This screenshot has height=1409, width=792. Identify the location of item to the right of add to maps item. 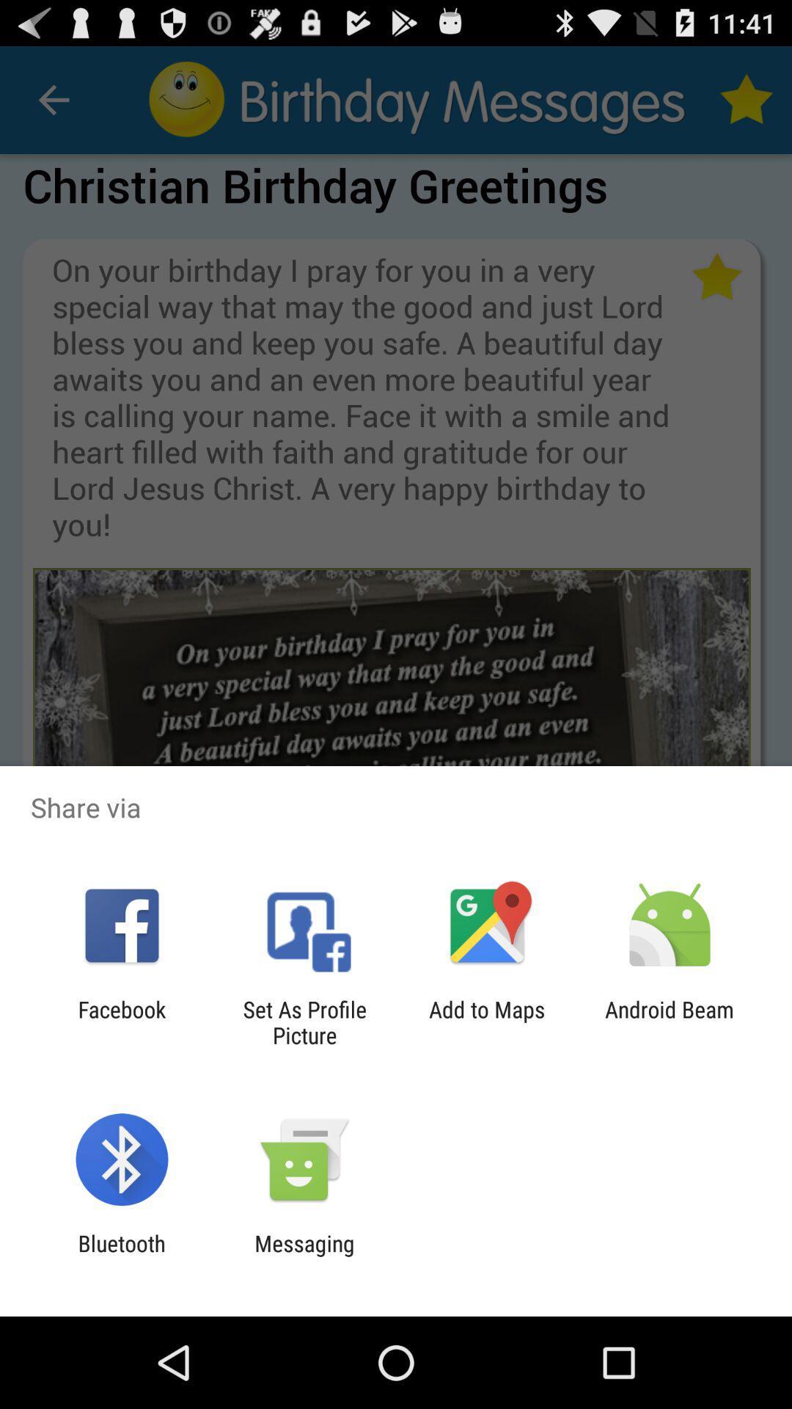
(670, 1022).